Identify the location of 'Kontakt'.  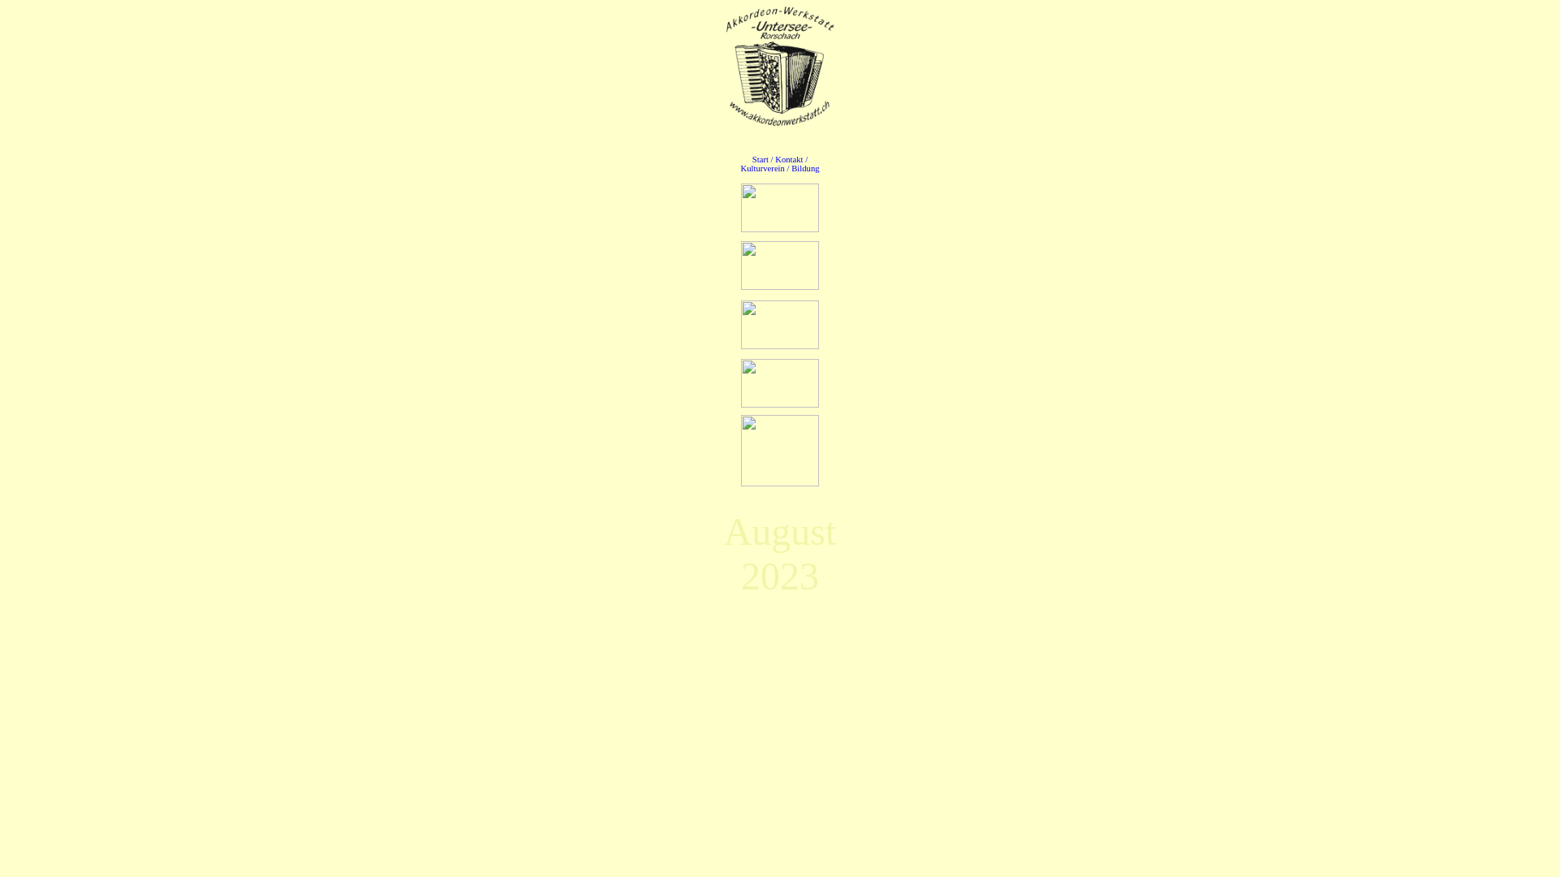
(788, 159).